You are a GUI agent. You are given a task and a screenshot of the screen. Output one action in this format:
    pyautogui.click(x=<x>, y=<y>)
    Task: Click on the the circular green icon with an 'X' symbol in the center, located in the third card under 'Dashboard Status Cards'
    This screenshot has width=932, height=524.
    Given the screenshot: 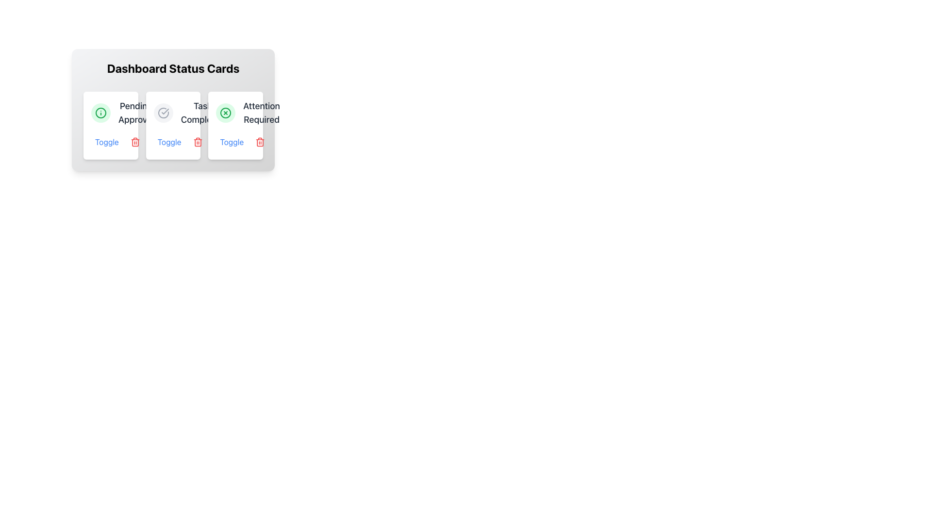 What is the action you would take?
    pyautogui.click(x=225, y=112)
    